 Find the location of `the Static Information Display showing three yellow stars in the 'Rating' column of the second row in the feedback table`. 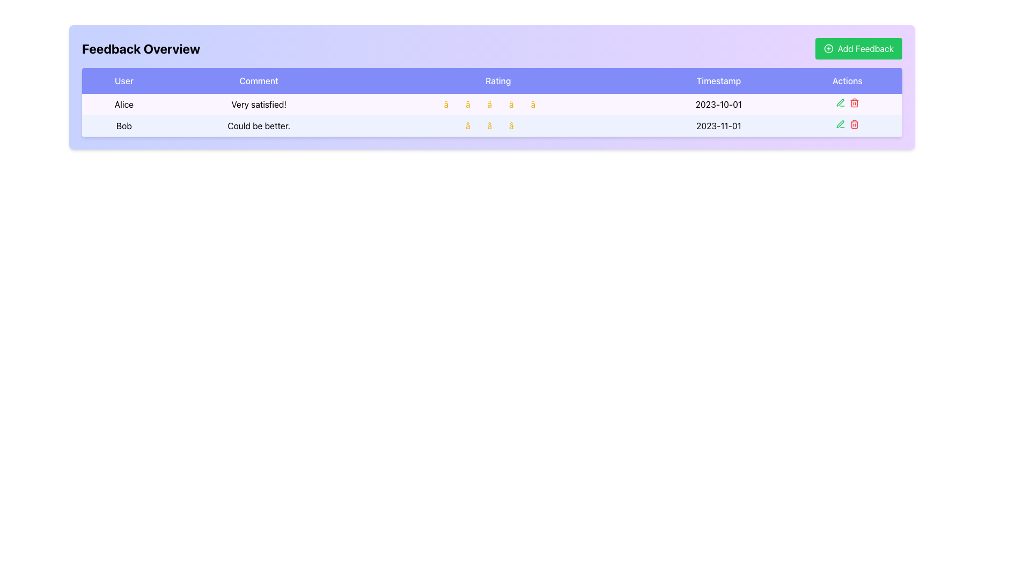

the Static Information Display showing three yellow stars in the 'Rating' column of the second row in the feedback table is located at coordinates (497, 125).